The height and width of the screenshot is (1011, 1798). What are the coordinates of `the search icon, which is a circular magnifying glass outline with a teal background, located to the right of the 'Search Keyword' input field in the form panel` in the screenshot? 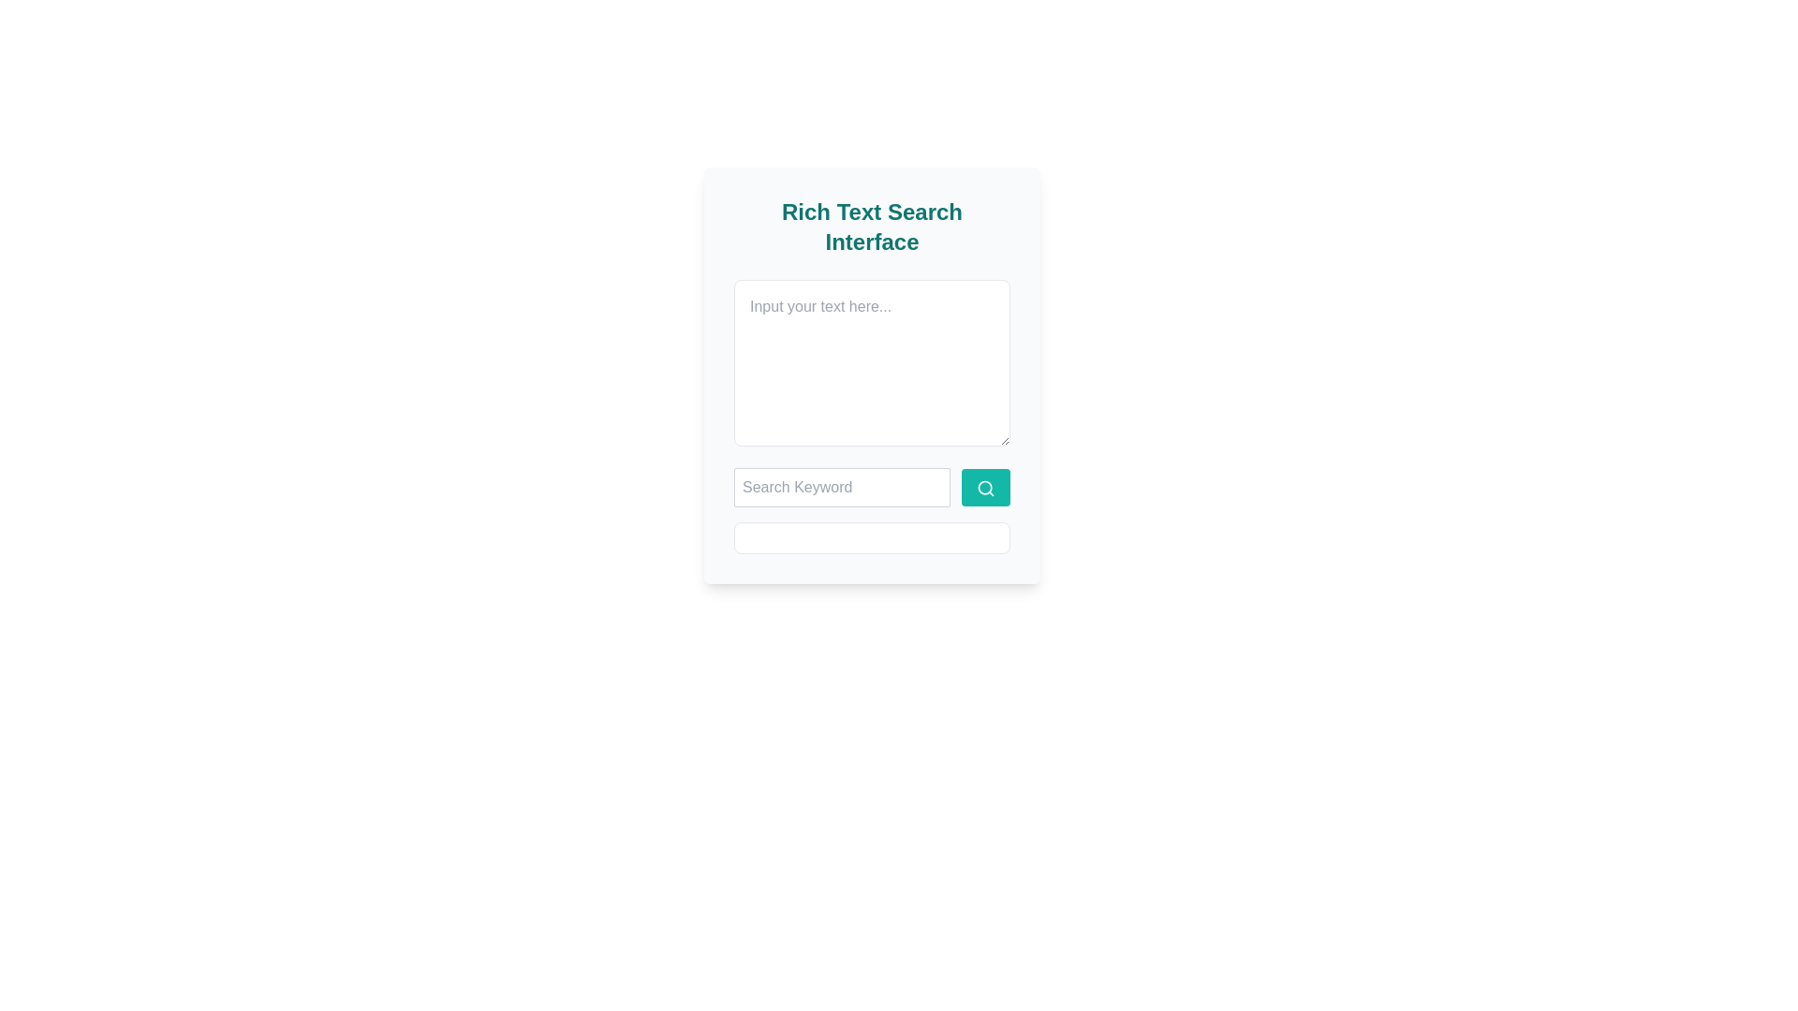 It's located at (984, 486).